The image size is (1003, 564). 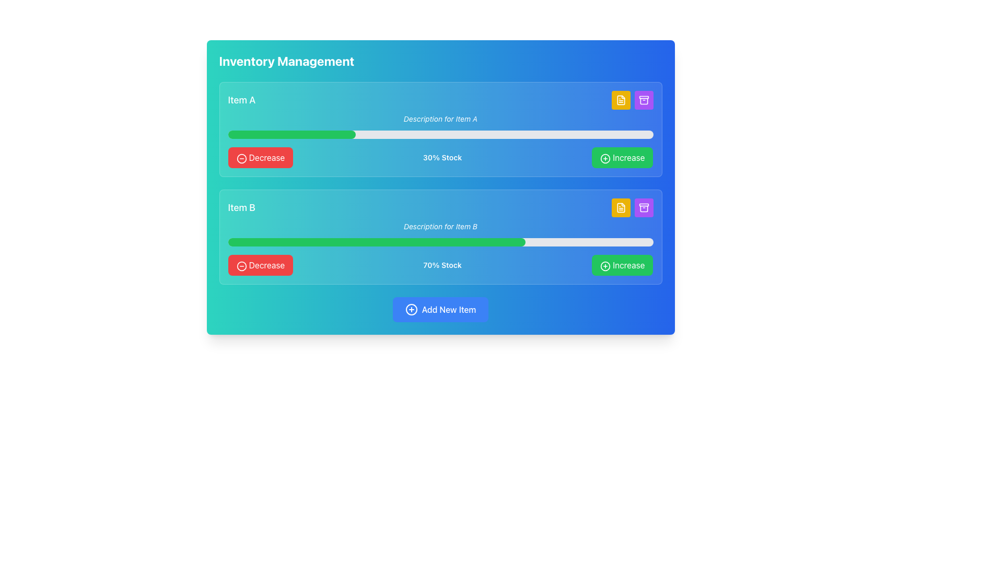 What do you see at coordinates (376, 242) in the screenshot?
I see `the green progress bar located in the 'Item B' section, which is positioned horizontally over the second gray bar below the description text 'Description for Item B.'` at bounding box center [376, 242].